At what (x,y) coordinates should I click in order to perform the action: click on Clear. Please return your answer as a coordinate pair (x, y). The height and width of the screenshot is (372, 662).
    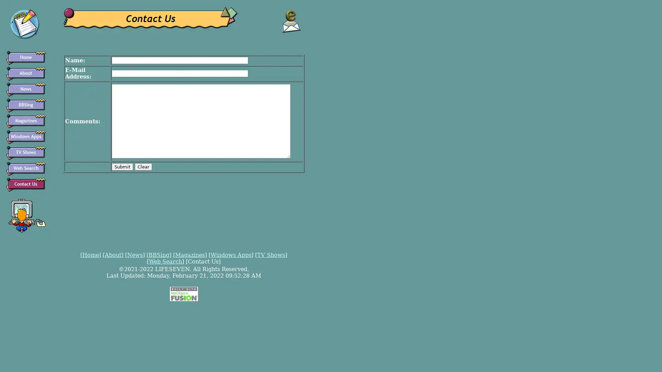
    Looking at the image, I should click on (143, 166).